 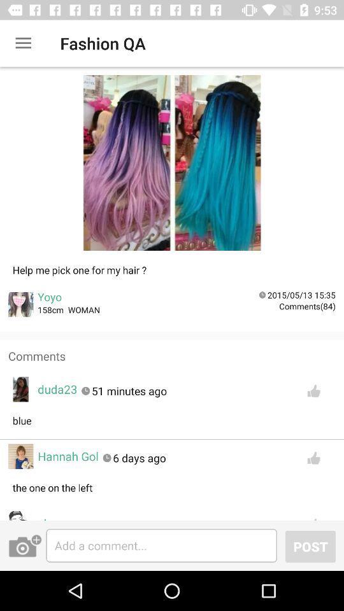 What do you see at coordinates (313, 516) in the screenshot?
I see `like the comment` at bounding box center [313, 516].